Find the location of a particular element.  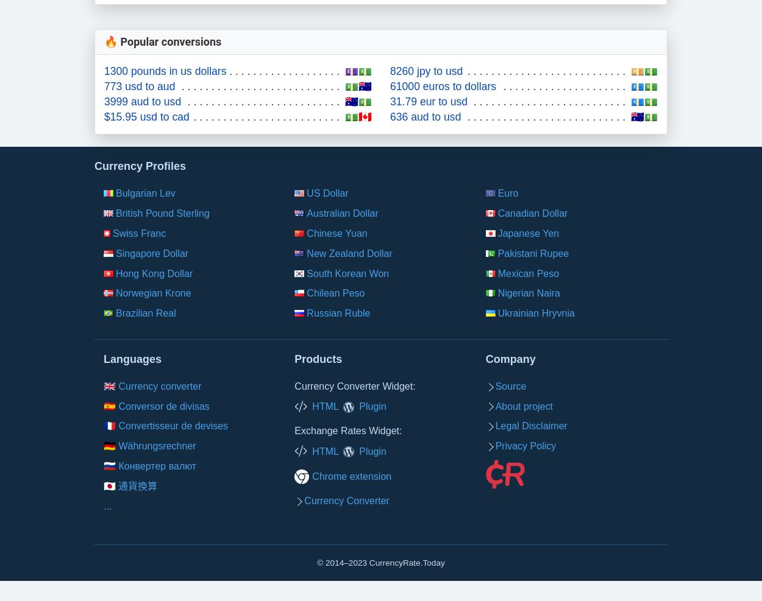

'Privacy Policy' is located at coordinates (525, 445).